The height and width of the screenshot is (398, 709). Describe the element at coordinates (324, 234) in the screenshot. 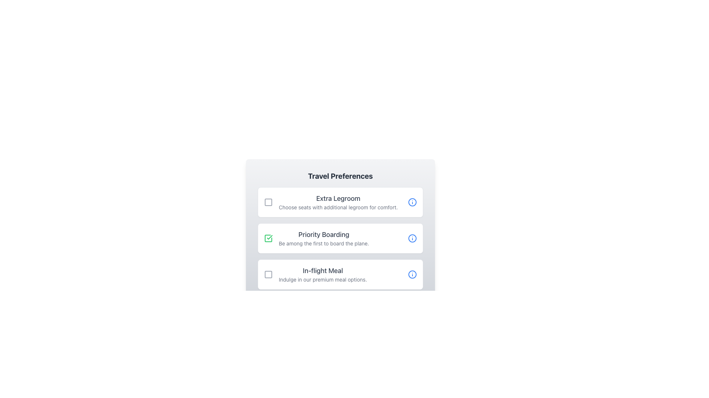

I see `the title text element labeled 'Priority Boarding', which is centrally positioned in the second option of the travel preferences list` at that location.